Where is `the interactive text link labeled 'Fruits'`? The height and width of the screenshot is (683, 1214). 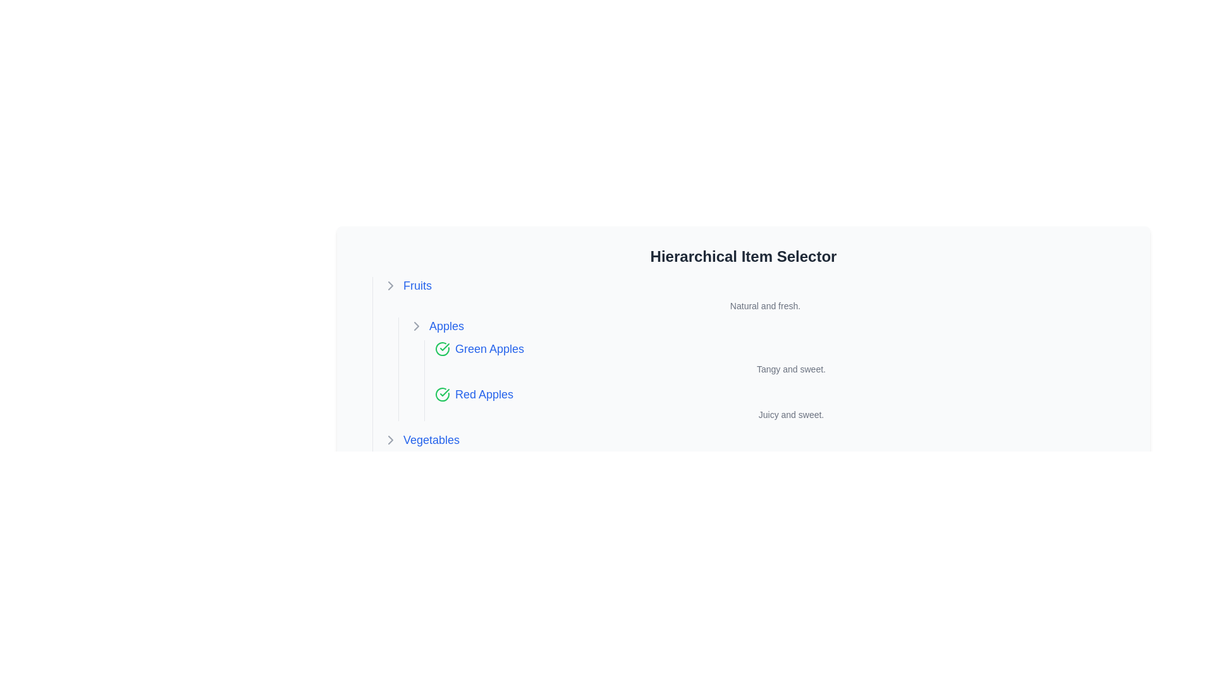 the interactive text link labeled 'Fruits' is located at coordinates (417, 285).